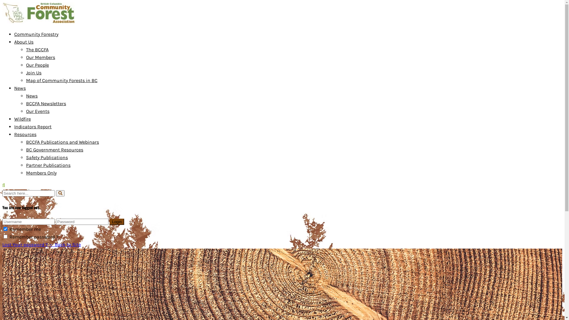 The width and height of the screenshot is (569, 320). I want to click on 'Our People', so click(25, 65).